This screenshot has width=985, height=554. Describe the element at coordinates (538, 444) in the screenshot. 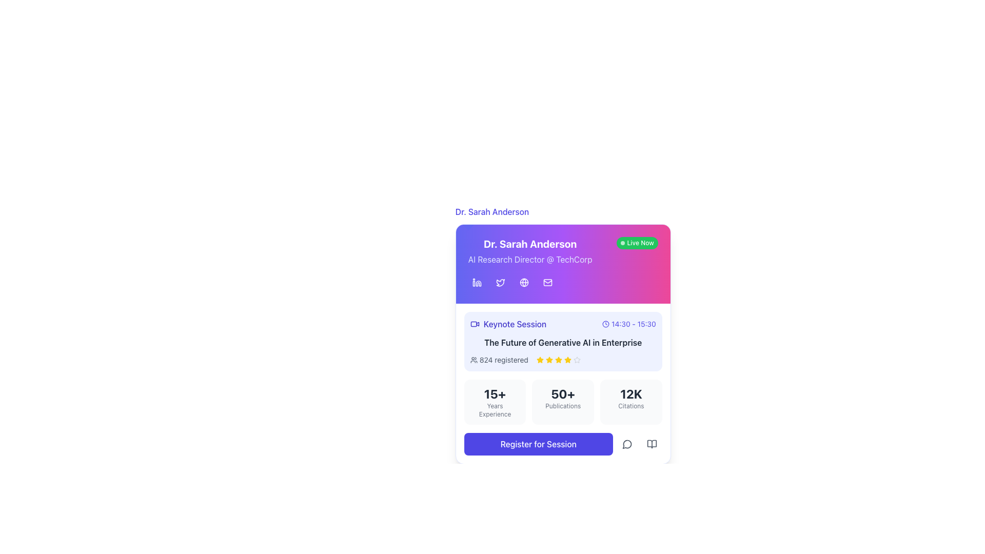

I see `the registration button located at the bottom of the card interface, which is the first item in a horizontal row of elements` at that location.